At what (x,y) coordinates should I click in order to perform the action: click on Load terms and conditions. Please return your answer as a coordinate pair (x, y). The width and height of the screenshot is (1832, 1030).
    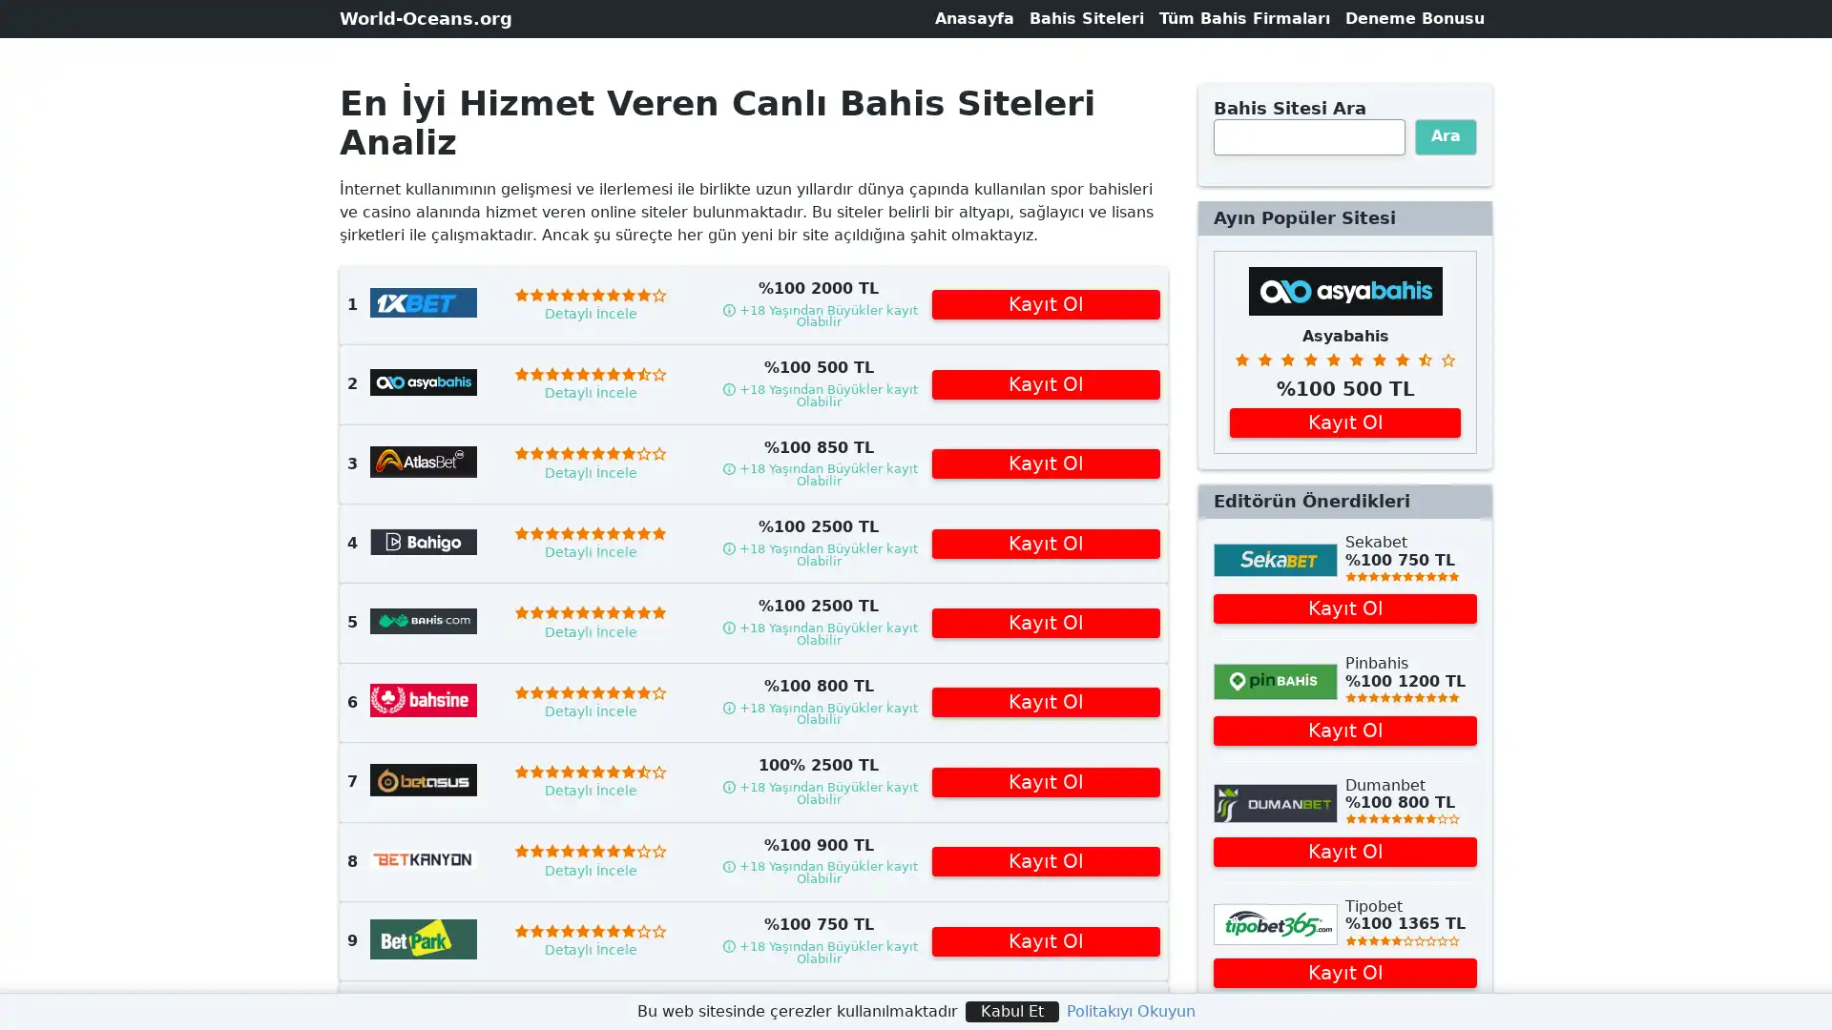
    Looking at the image, I should click on (818, 952).